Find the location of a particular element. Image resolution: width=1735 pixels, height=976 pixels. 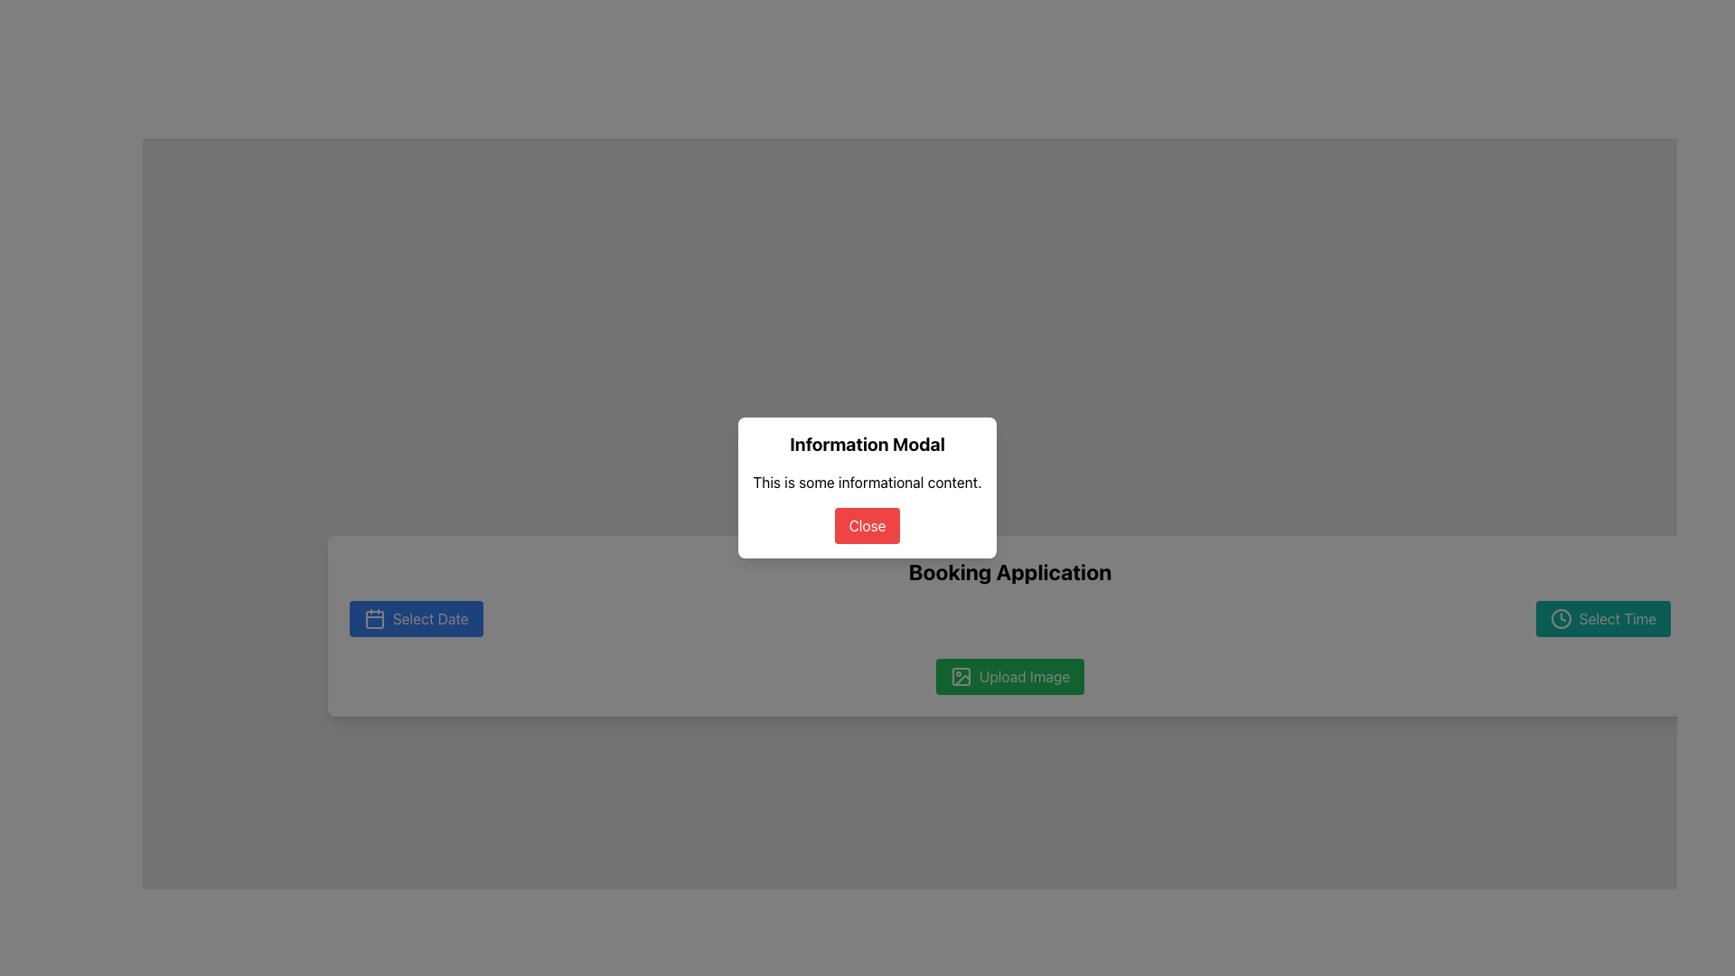

the heading text 'Information Modal' which is displayed in bold at the top center of the modal dialog box is located at coordinates (867, 445).